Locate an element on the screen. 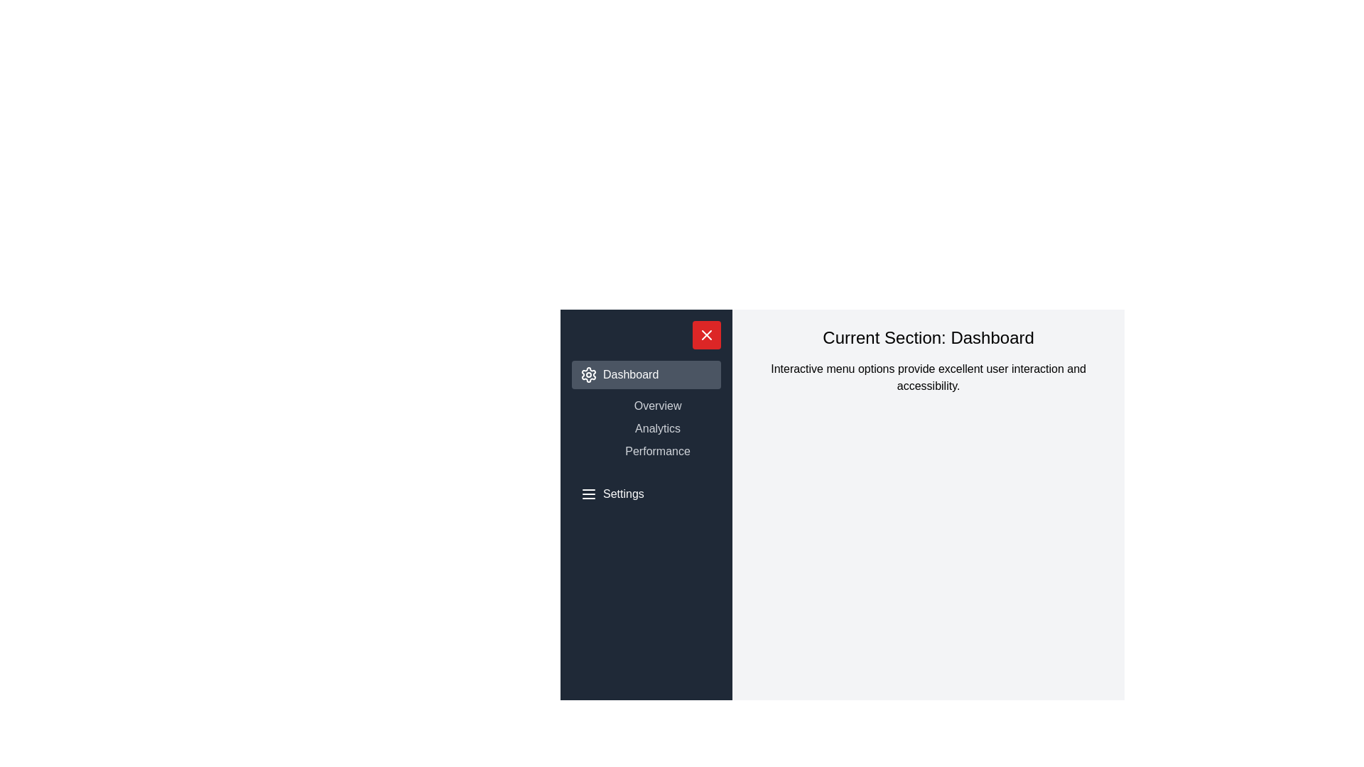 The height and width of the screenshot is (767, 1364). the red square button with a white 'X' icon located at the top-right corner of the navigation sidebar is located at coordinates (707, 334).